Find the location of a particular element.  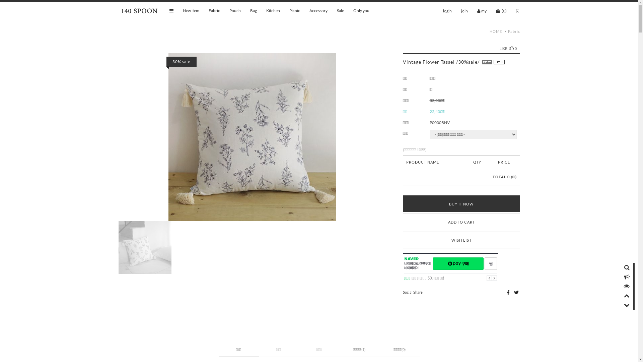

'Picnic' is located at coordinates (289, 10).